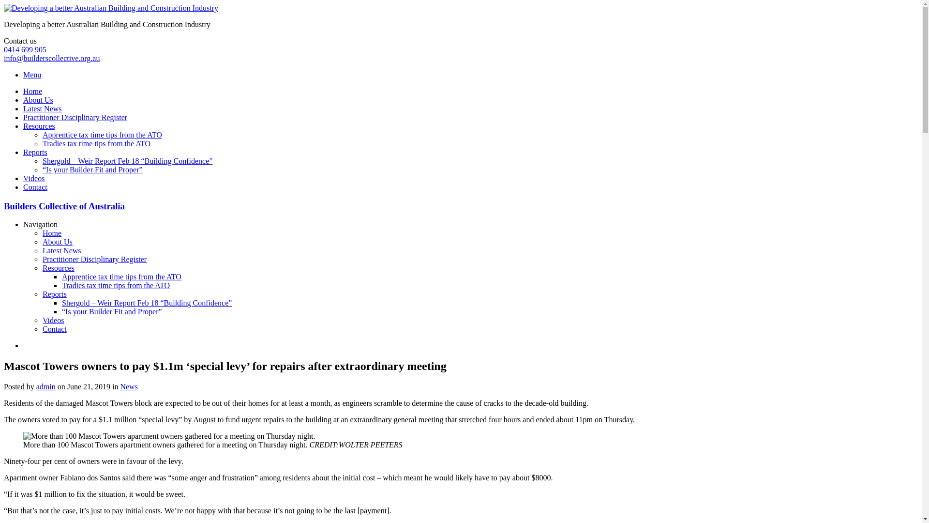 This screenshot has height=523, width=929. Describe the element at coordinates (121, 277) in the screenshot. I see `'Apprentice tax time tips from the ATO'` at that location.